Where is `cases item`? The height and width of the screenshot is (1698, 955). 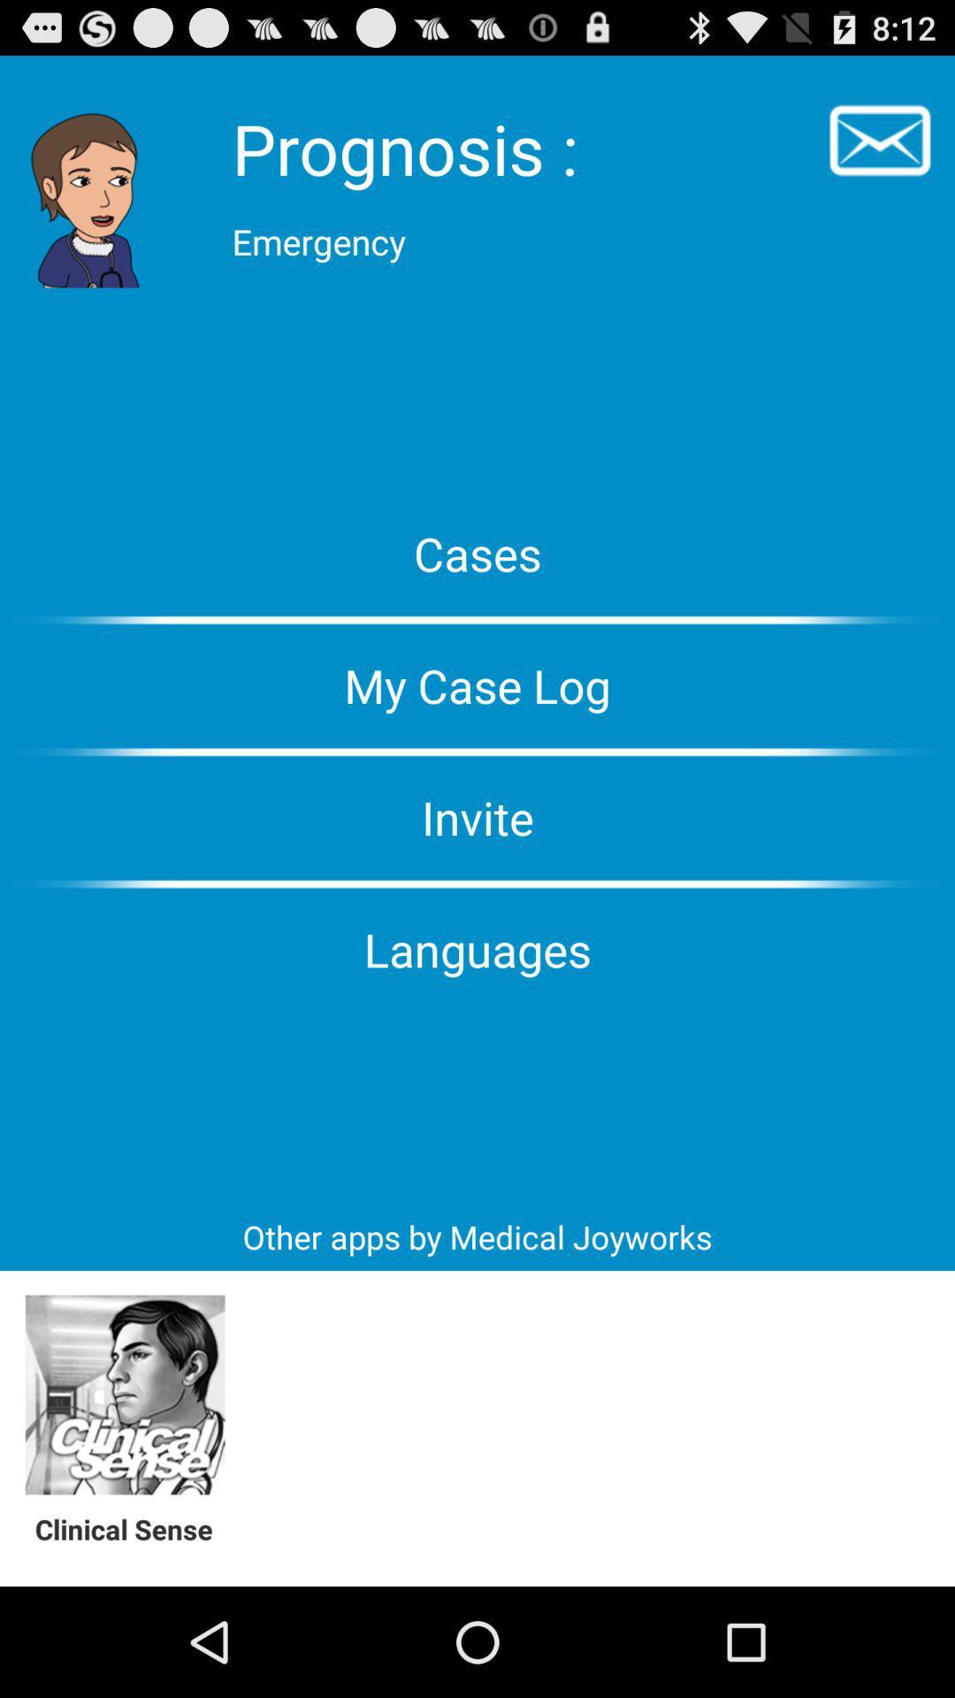
cases item is located at coordinates (477, 552).